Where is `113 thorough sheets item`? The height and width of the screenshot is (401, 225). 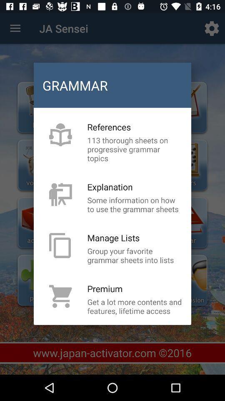
113 thorough sheets item is located at coordinates (135, 149).